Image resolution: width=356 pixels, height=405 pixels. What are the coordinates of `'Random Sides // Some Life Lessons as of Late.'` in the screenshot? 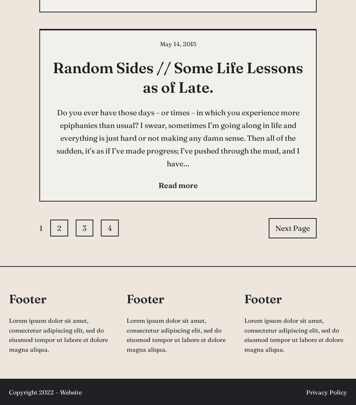 It's located at (178, 77).